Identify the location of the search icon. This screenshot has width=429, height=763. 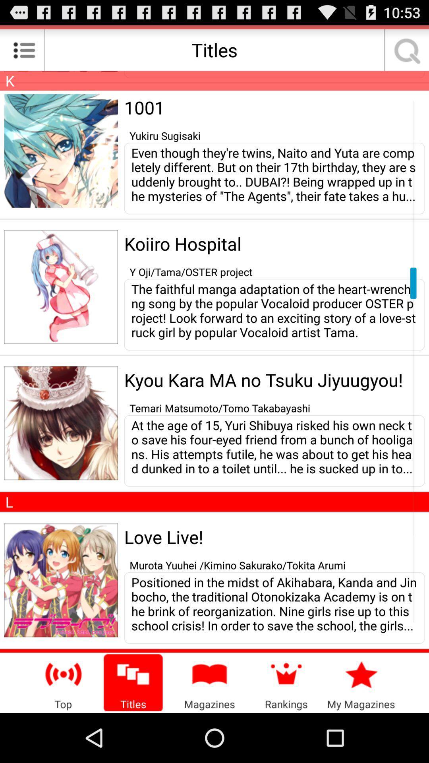
(404, 53).